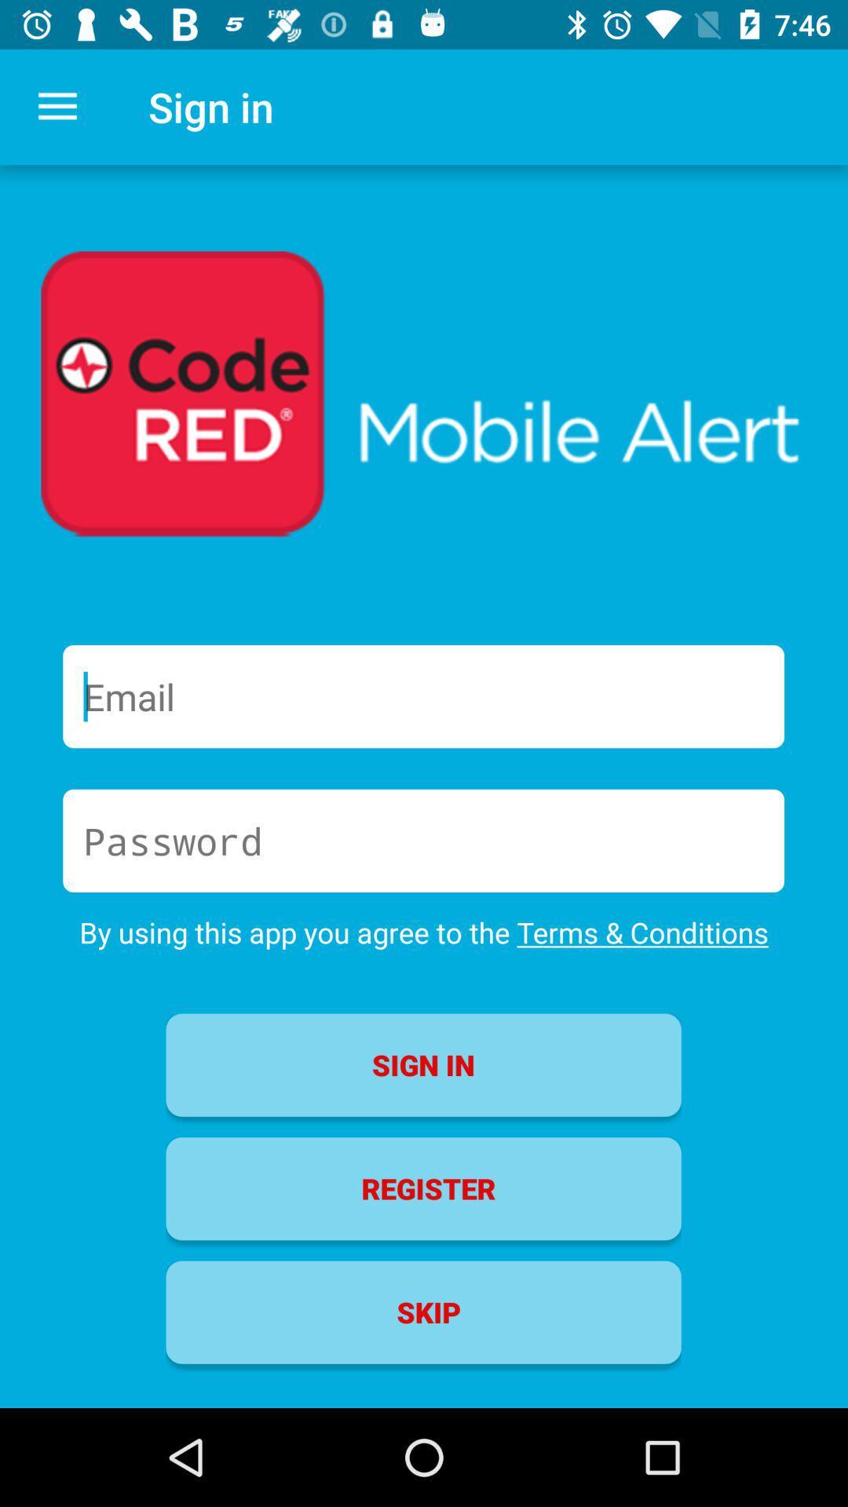 The image size is (848, 1507). What do you see at coordinates (424, 932) in the screenshot?
I see `the by using this icon` at bounding box center [424, 932].